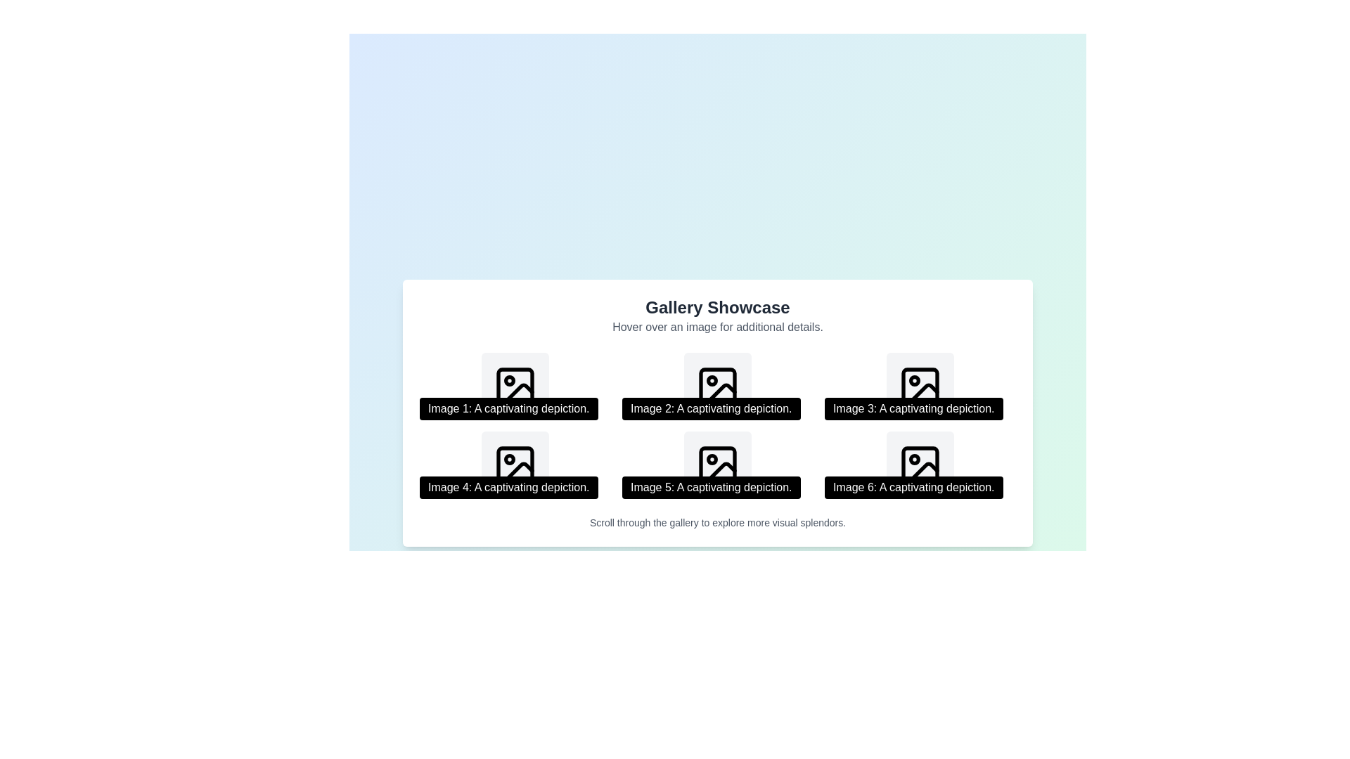  What do you see at coordinates (920, 387) in the screenshot?
I see `the decorative graphical component that forms part of the visual structure of the third image icon in the first row of the gallery grid` at bounding box center [920, 387].